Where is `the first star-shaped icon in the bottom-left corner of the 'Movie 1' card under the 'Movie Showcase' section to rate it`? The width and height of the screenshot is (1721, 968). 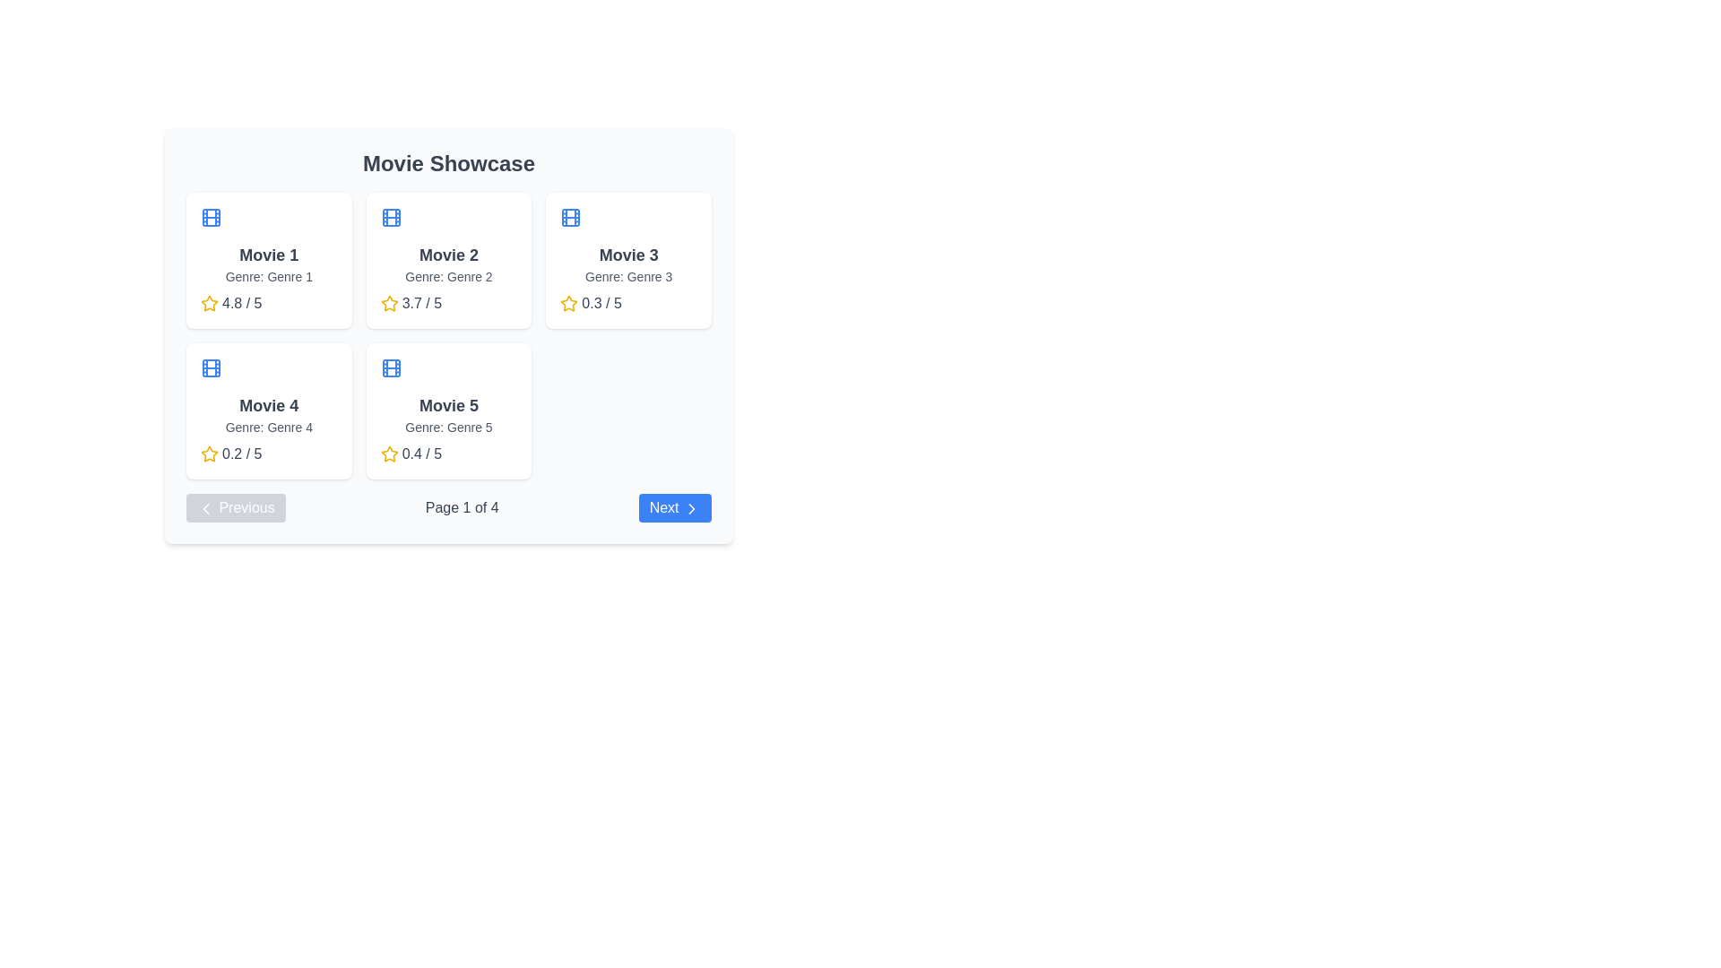 the first star-shaped icon in the bottom-left corner of the 'Movie 1' card under the 'Movie Showcase' section to rate it is located at coordinates (210, 302).